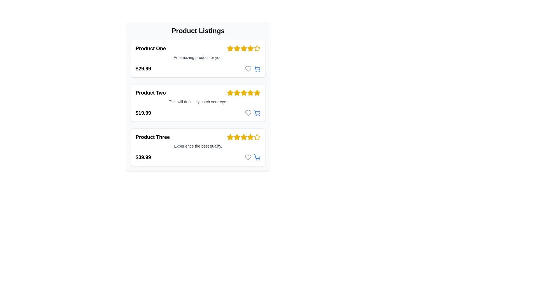 This screenshot has width=538, height=303. I want to click on the 'like' or 'favorite' button located in the second product row, positioned to the right of the product description and price, and to the left of the shopping cart icon, so click(248, 113).